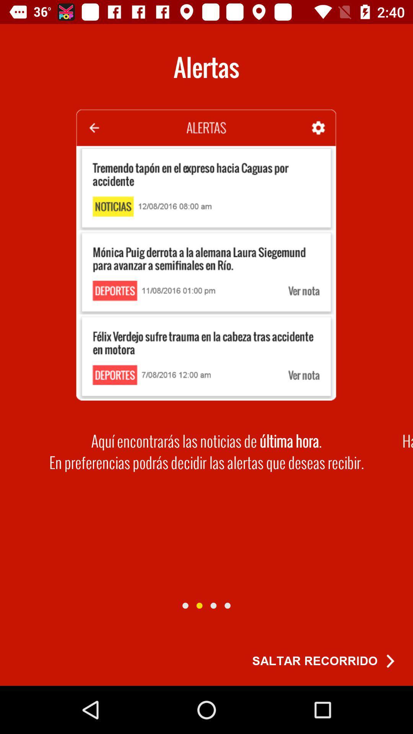  What do you see at coordinates (199, 605) in the screenshot?
I see `go next page` at bounding box center [199, 605].